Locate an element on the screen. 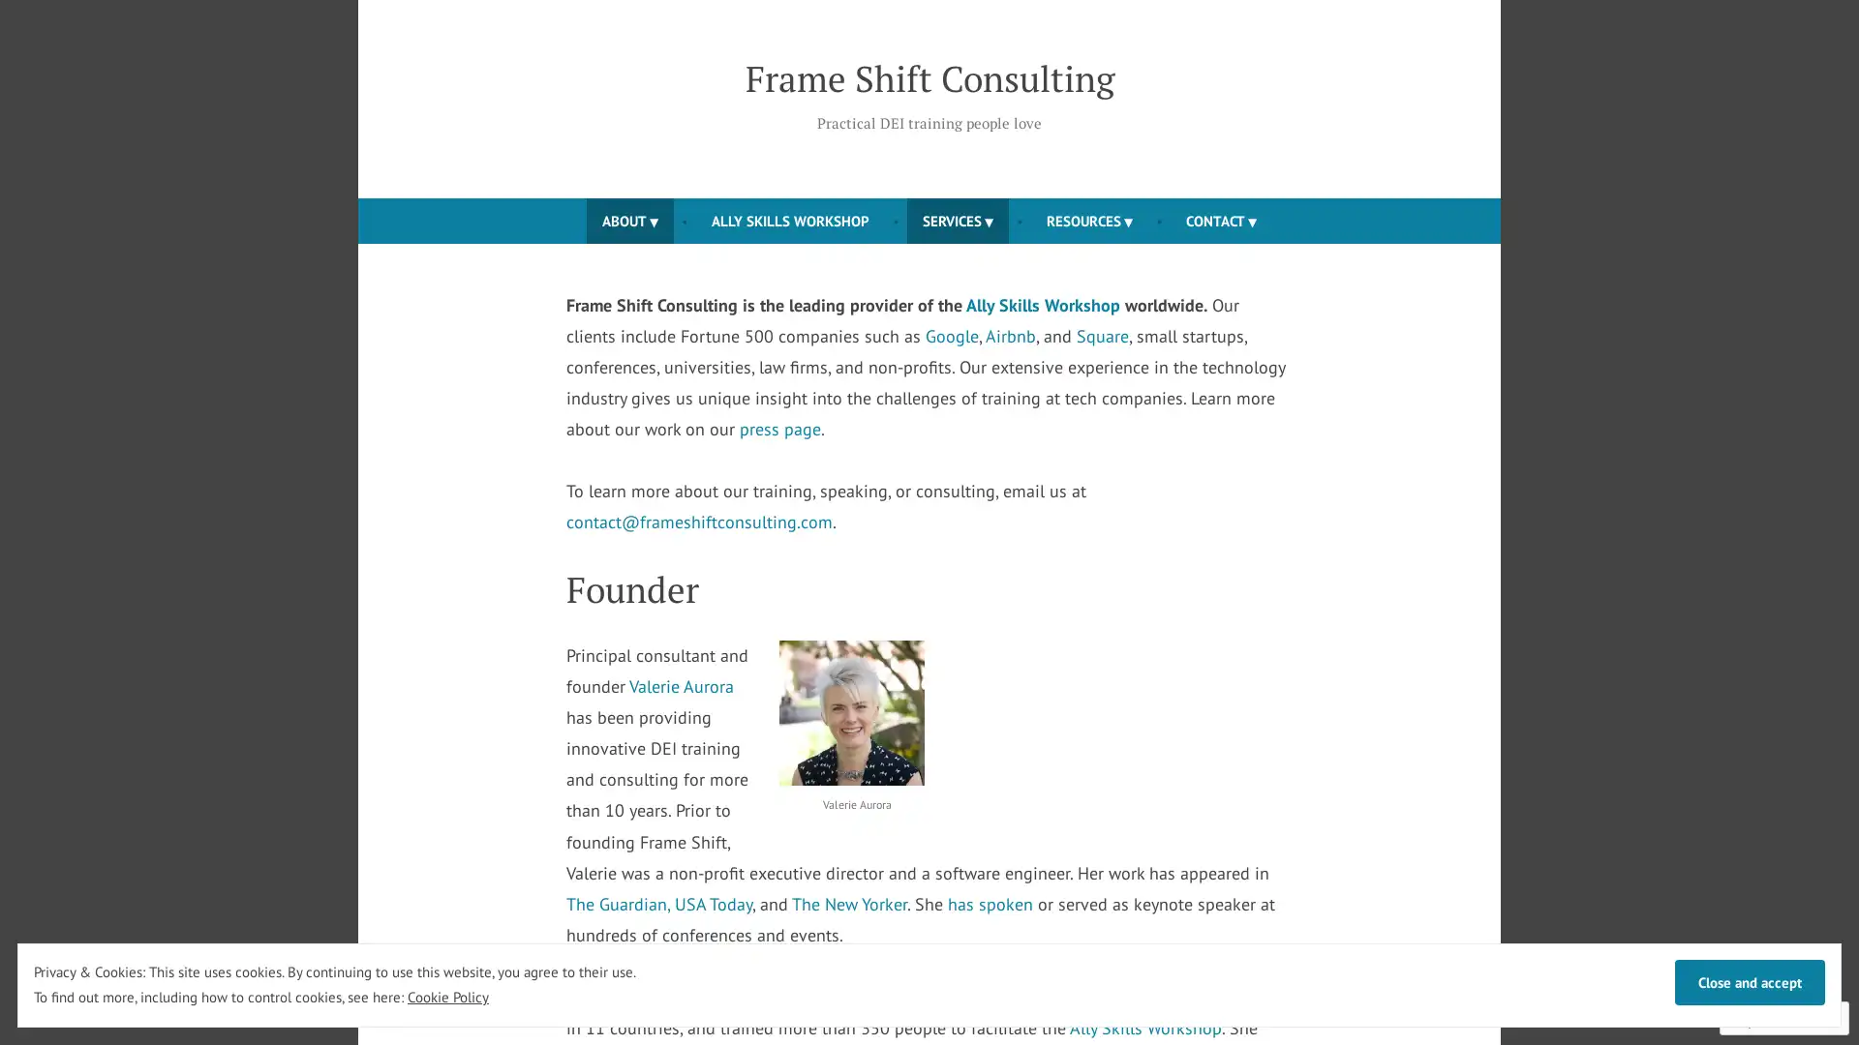  Close and accept is located at coordinates (1750, 981).